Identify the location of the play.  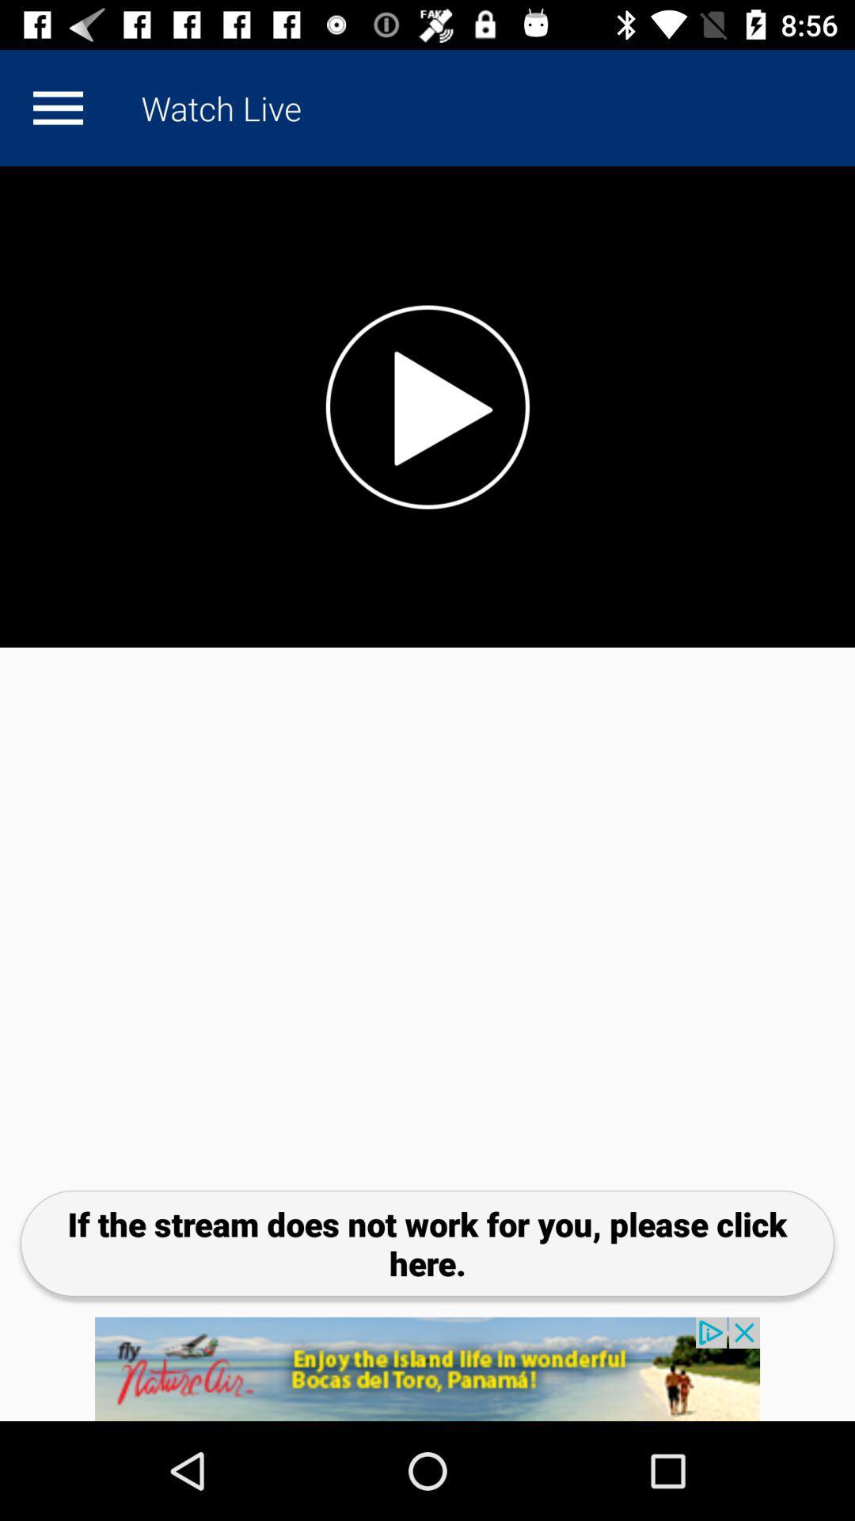
(427, 406).